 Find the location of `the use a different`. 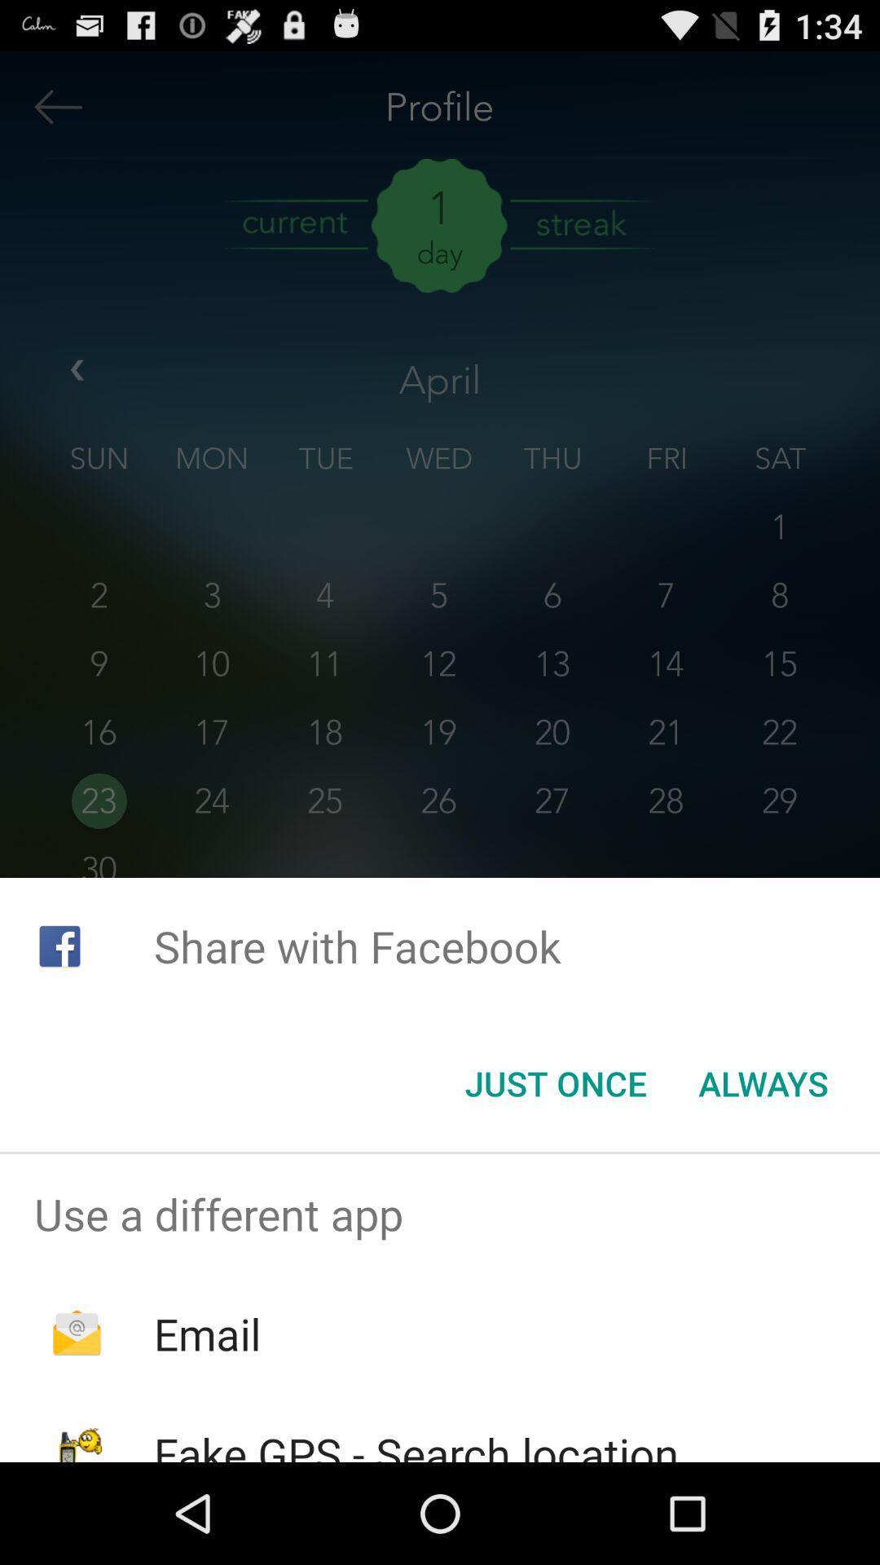

the use a different is located at coordinates (440, 1214).